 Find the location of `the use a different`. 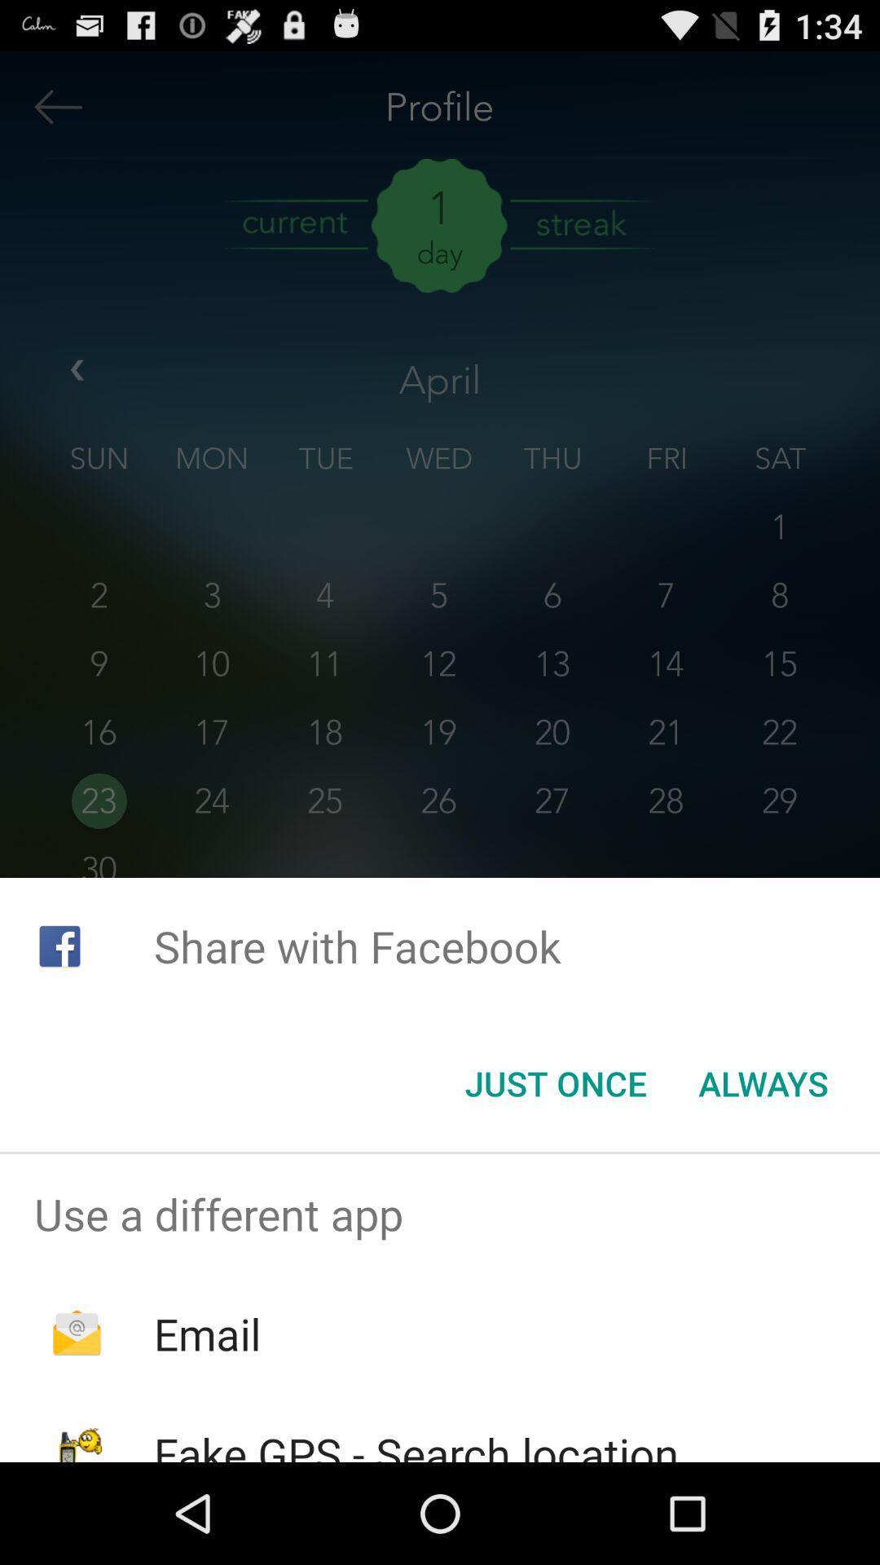

the use a different is located at coordinates (440, 1214).